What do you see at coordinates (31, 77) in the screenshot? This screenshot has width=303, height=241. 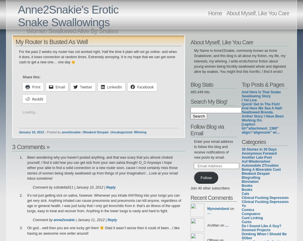 I see `'Share this:'` at bounding box center [31, 77].